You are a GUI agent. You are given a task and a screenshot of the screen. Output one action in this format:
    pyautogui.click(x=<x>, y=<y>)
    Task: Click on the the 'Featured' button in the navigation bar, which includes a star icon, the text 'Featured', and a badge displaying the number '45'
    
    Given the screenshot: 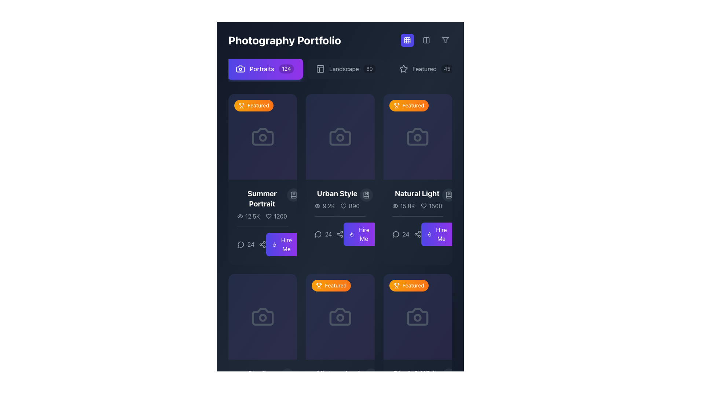 What is the action you would take?
    pyautogui.click(x=426, y=69)
    